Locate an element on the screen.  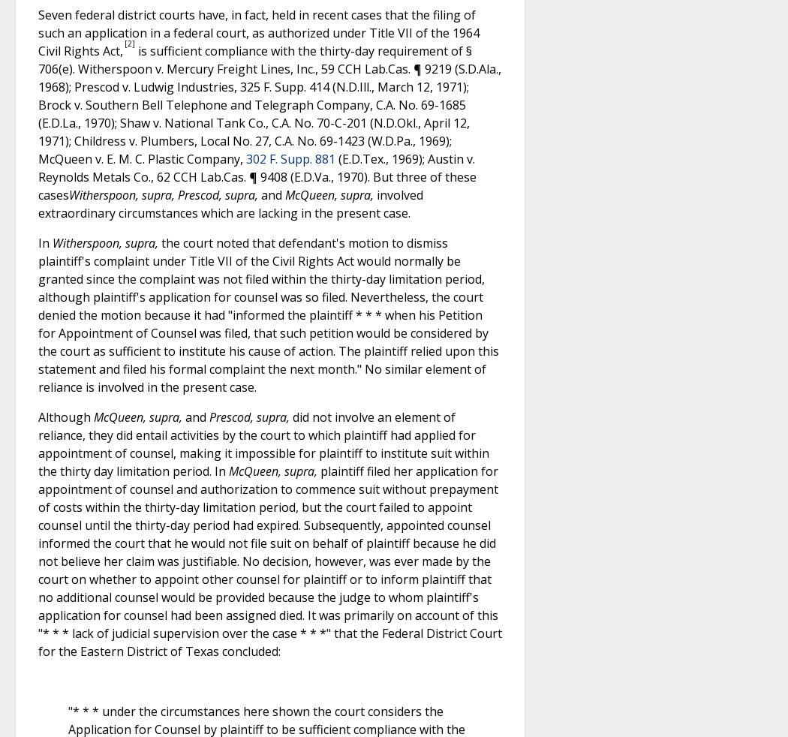
'did not involve an element of reliance, they did entail activities by the court to which plaintiff had applied for appointment of counsel, making it impossible for plaintiff to institute suit within the thirty day limitation period. In' is located at coordinates (38, 442).